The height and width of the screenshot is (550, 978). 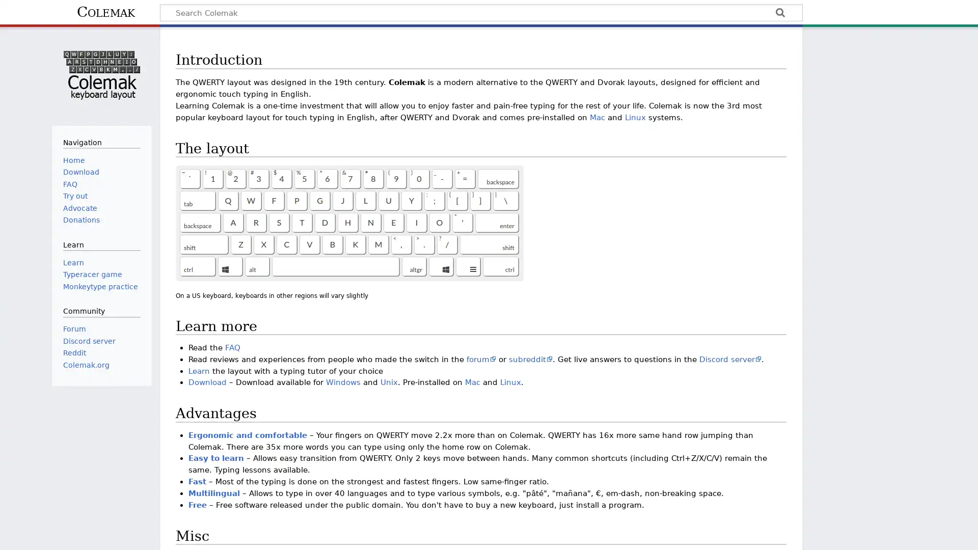 What do you see at coordinates (779, 14) in the screenshot?
I see `Go` at bounding box center [779, 14].